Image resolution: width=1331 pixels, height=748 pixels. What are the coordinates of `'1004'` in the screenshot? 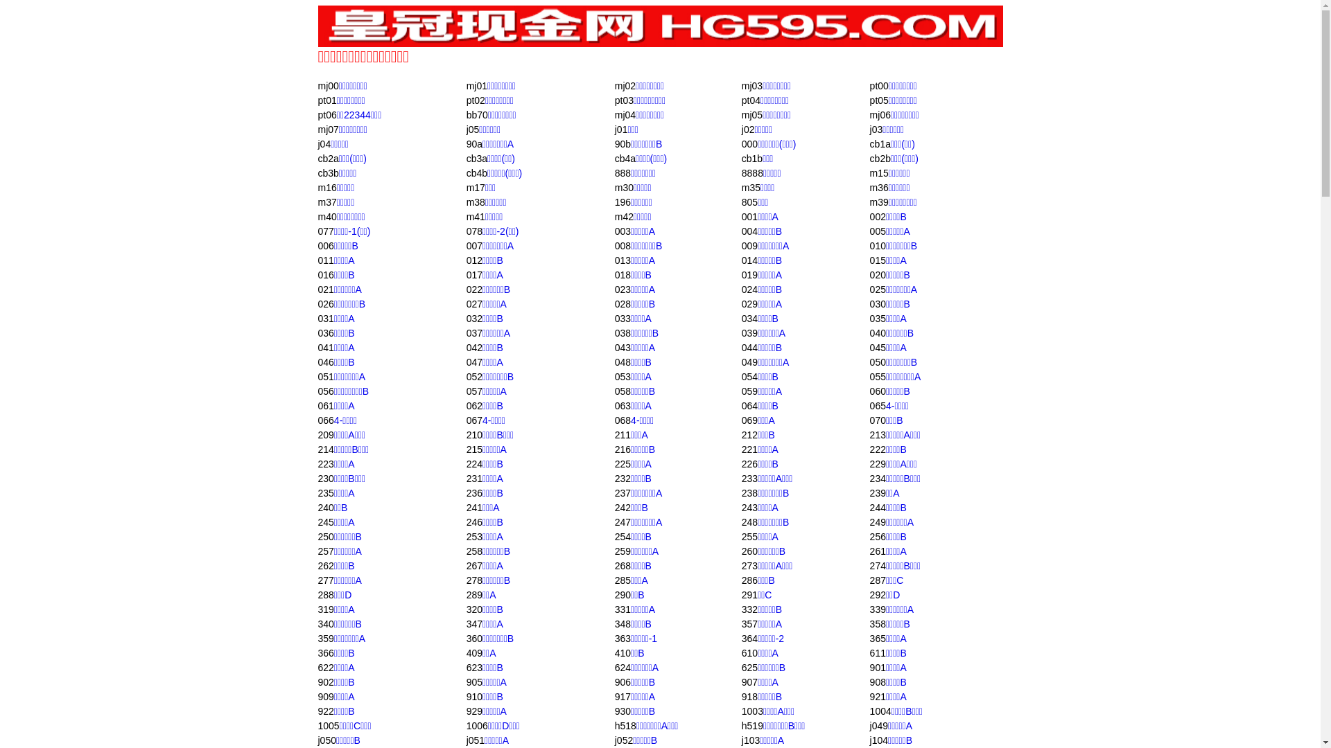 It's located at (880, 711).